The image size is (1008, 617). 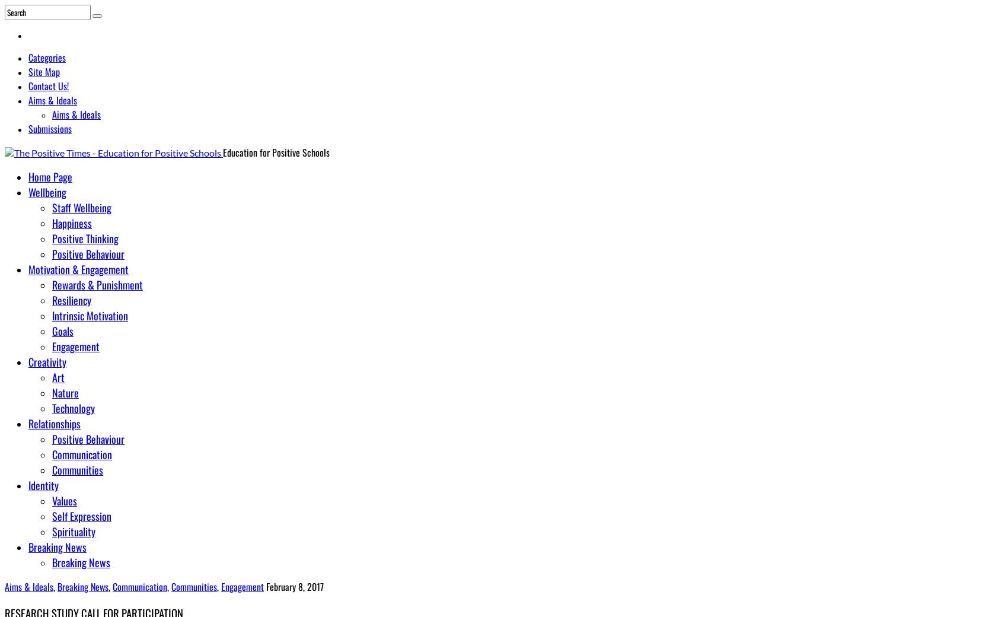 What do you see at coordinates (84, 238) in the screenshot?
I see `'Positive Thinking'` at bounding box center [84, 238].